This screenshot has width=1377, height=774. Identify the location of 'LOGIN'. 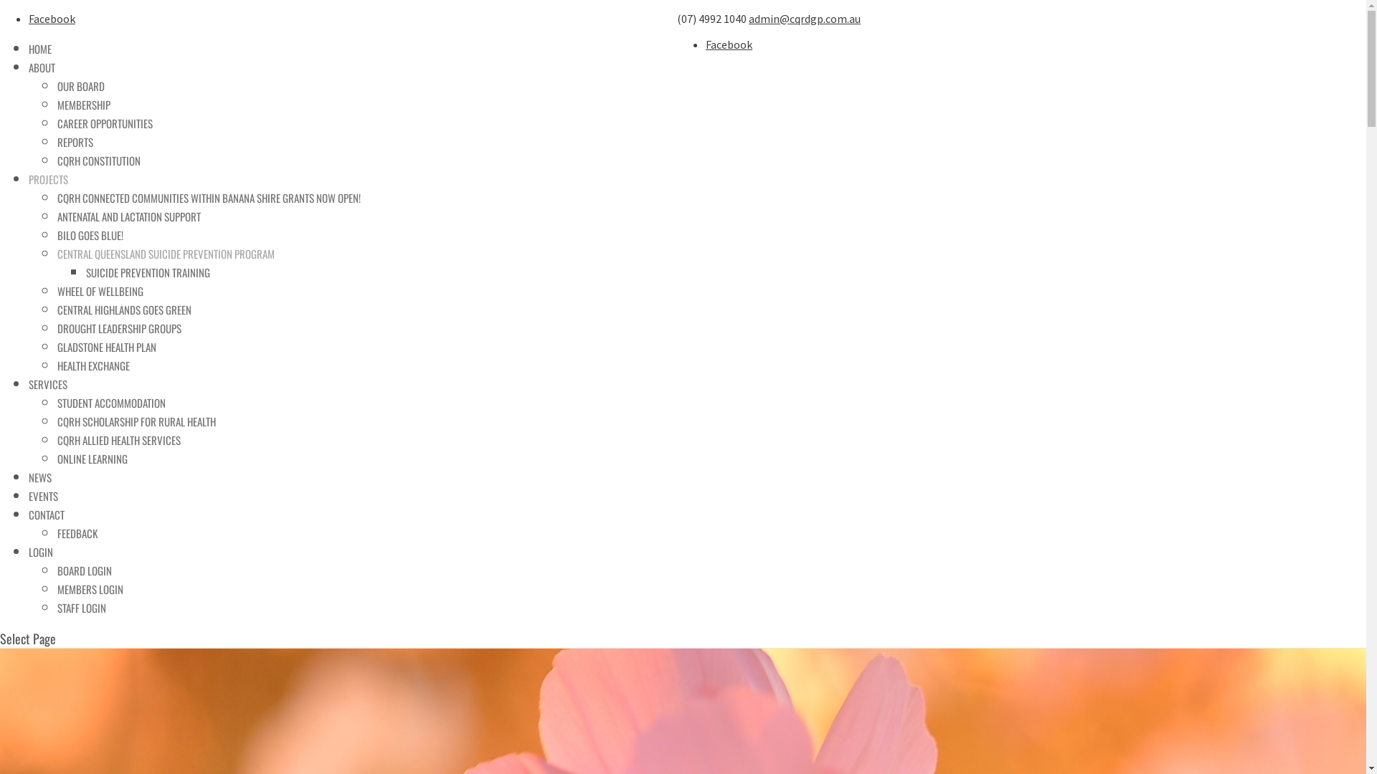
(41, 551).